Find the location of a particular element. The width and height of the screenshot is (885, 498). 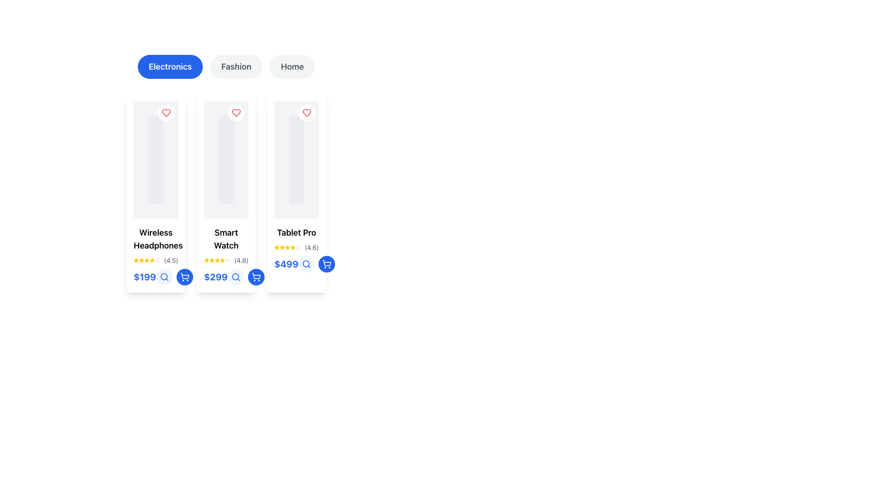

the shopping cart icon button at the bottom-right corner of the 'Tablet Pro' card is located at coordinates (327, 264).